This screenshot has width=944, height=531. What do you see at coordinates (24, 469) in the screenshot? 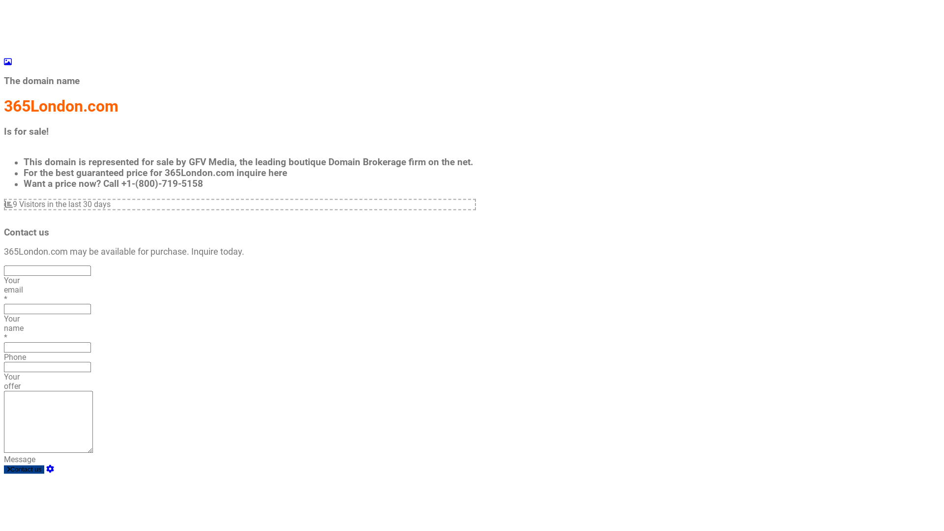
I see `'Contact us'` at bounding box center [24, 469].